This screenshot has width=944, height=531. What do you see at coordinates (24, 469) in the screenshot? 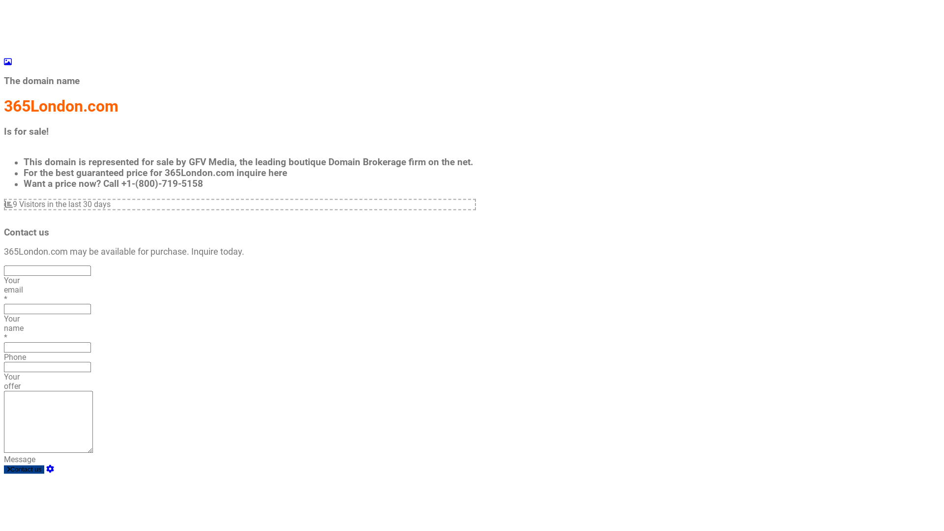
I see `'Contact us'` at bounding box center [24, 469].